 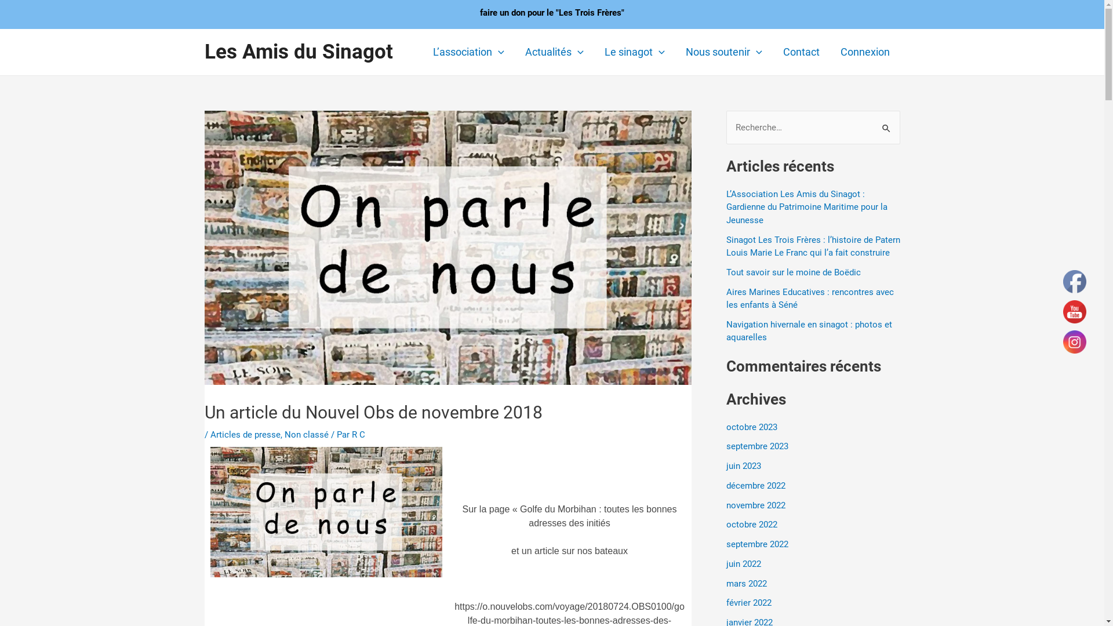 What do you see at coordinates (808, 331) in the screenshot?
I see `'Navigation hivernale en sinagot : photos et aquarelles'` at bounding box center [808, 331].